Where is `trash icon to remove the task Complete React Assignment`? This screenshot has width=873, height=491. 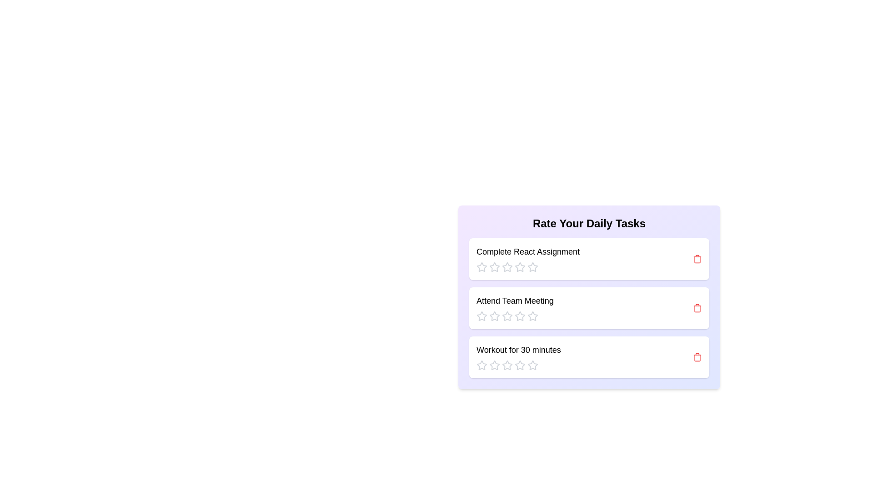 trash icon to remove the task Complete React Assignment is located at coordinates (697, 259).